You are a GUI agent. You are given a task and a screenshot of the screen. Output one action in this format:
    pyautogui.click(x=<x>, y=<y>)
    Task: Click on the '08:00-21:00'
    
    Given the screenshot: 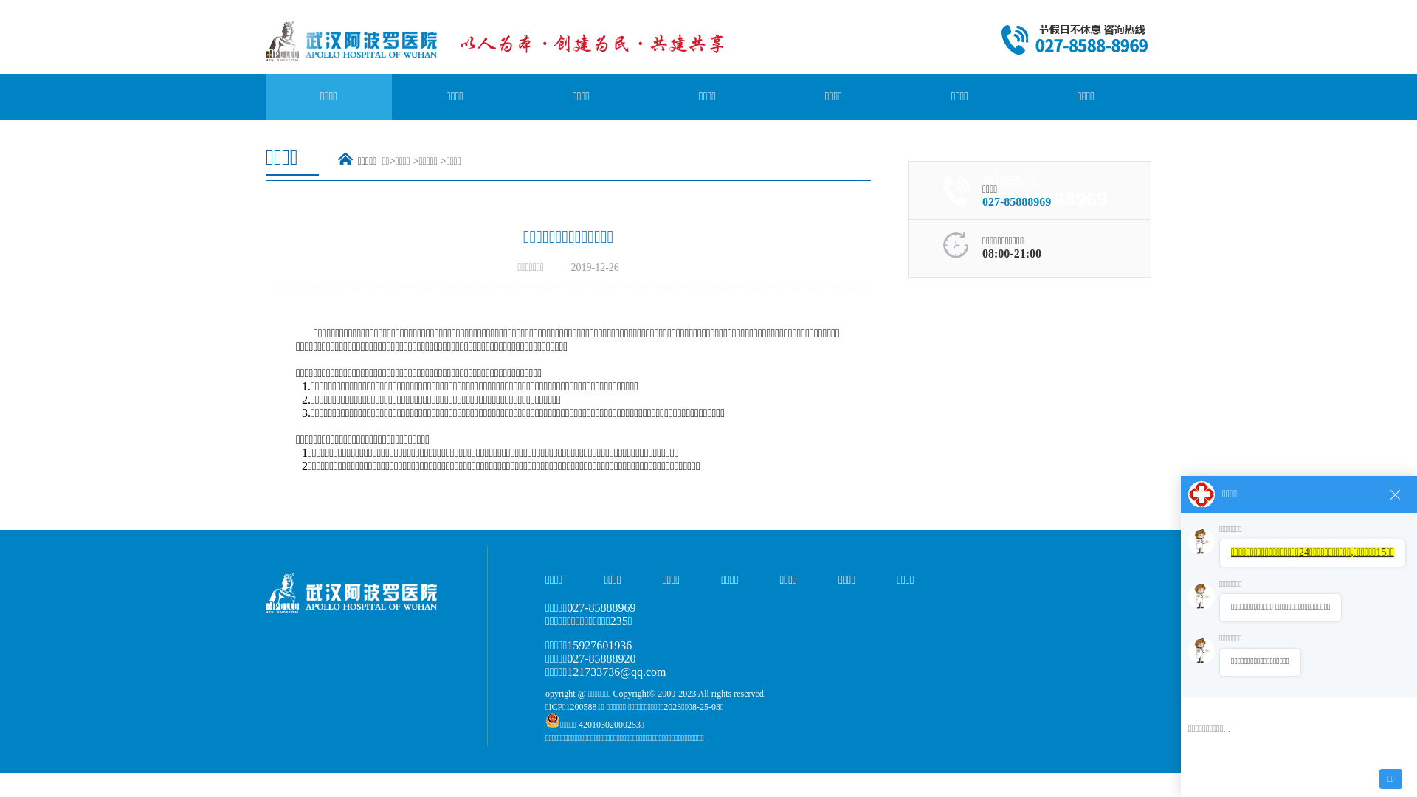 What is the action you would take?
    pyautogui.click(x=1011, y=252)
    